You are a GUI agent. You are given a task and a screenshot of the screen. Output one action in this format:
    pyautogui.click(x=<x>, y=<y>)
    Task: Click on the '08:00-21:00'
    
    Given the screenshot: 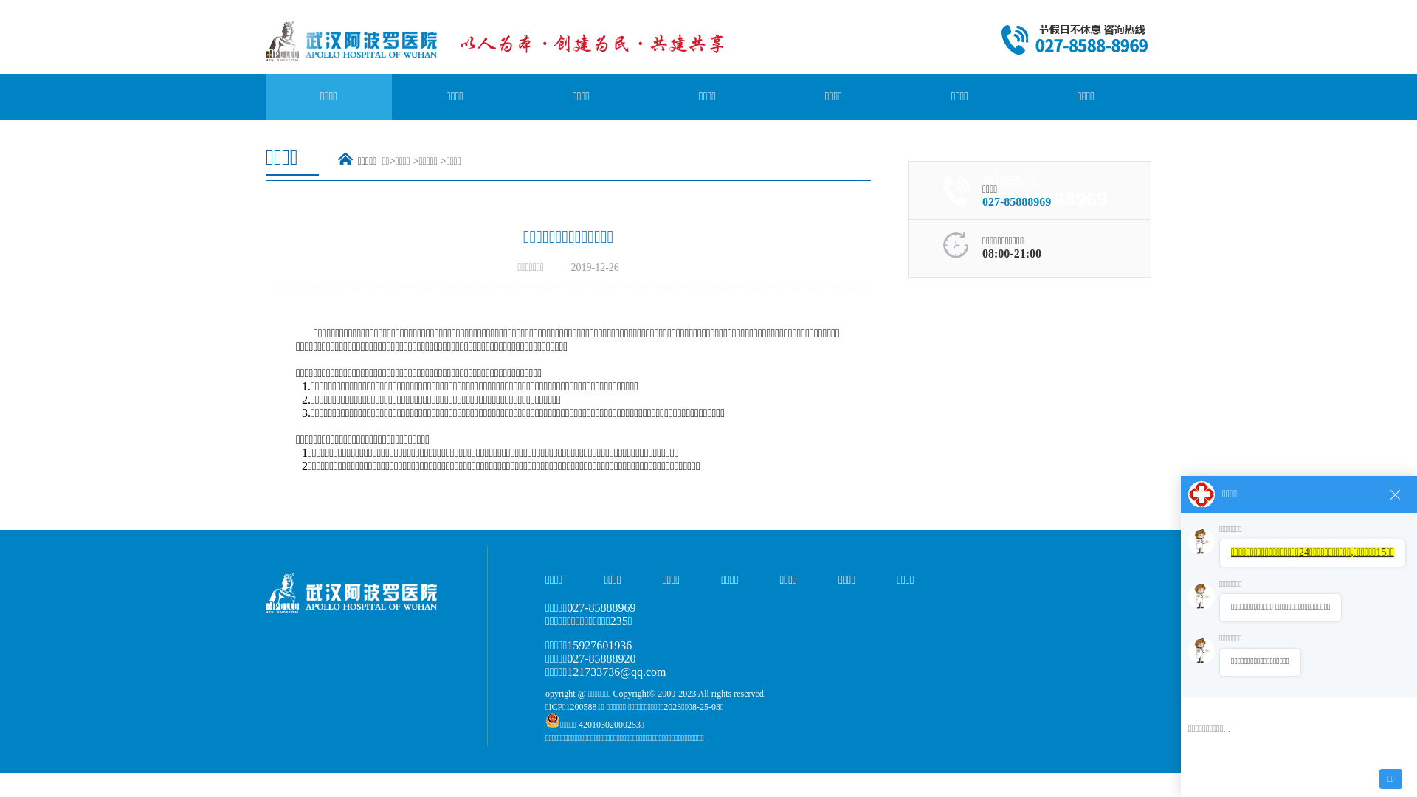 What is the action you would take?
    pyautogui.click(x=1011, y=252)
    